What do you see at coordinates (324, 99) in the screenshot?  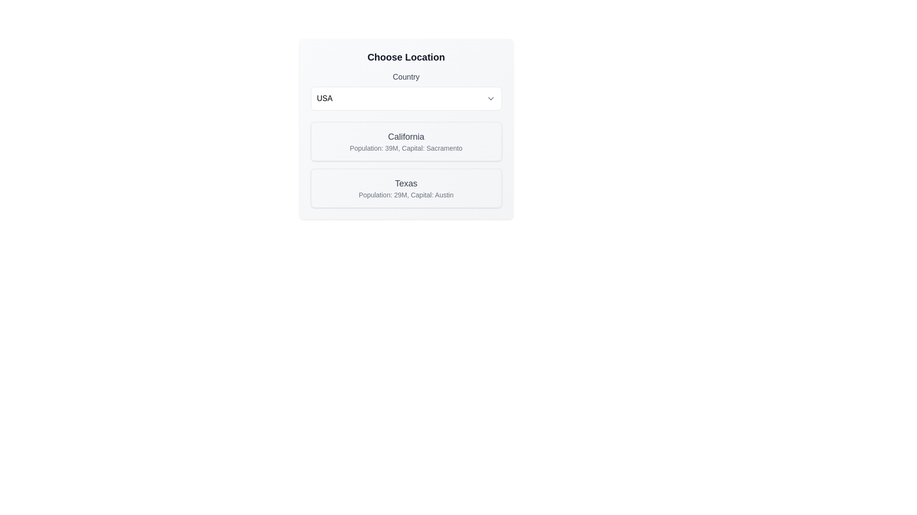 I see `the text label element displaying 'USA'` at bounding box center [324, 99].